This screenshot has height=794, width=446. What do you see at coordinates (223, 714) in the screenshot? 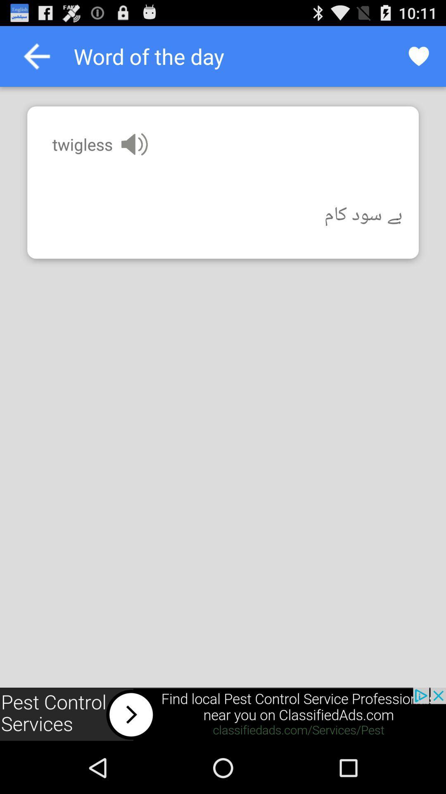
I see `new advertisement open box` at bounding box center [223, 714].